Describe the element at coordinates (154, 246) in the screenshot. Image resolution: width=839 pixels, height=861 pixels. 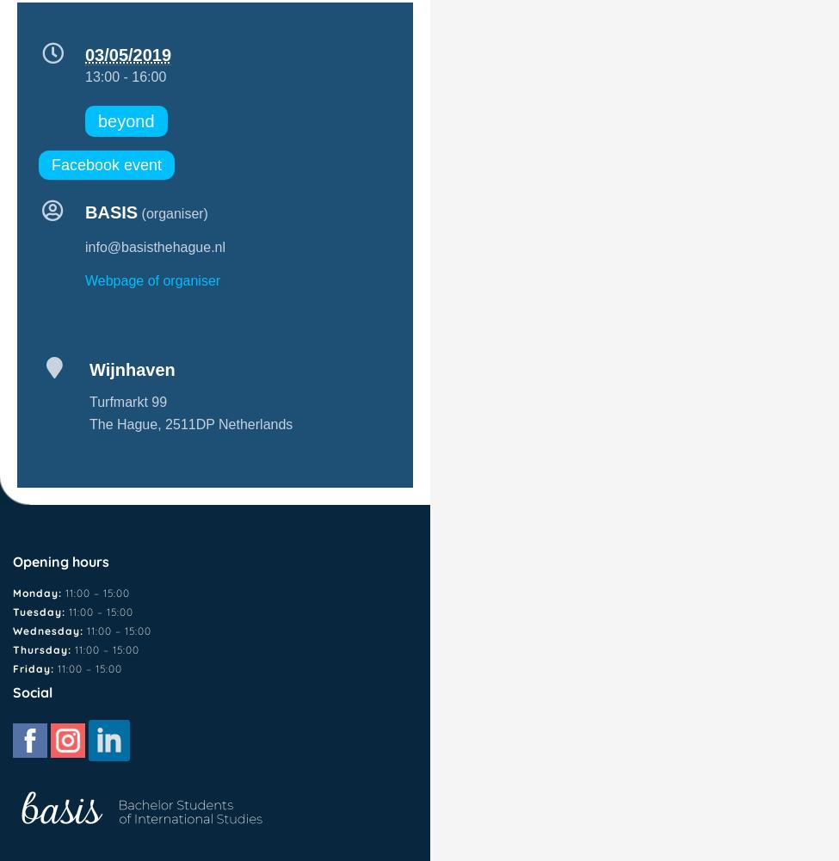
I see `'info@basisthehague.nl'` at that location.